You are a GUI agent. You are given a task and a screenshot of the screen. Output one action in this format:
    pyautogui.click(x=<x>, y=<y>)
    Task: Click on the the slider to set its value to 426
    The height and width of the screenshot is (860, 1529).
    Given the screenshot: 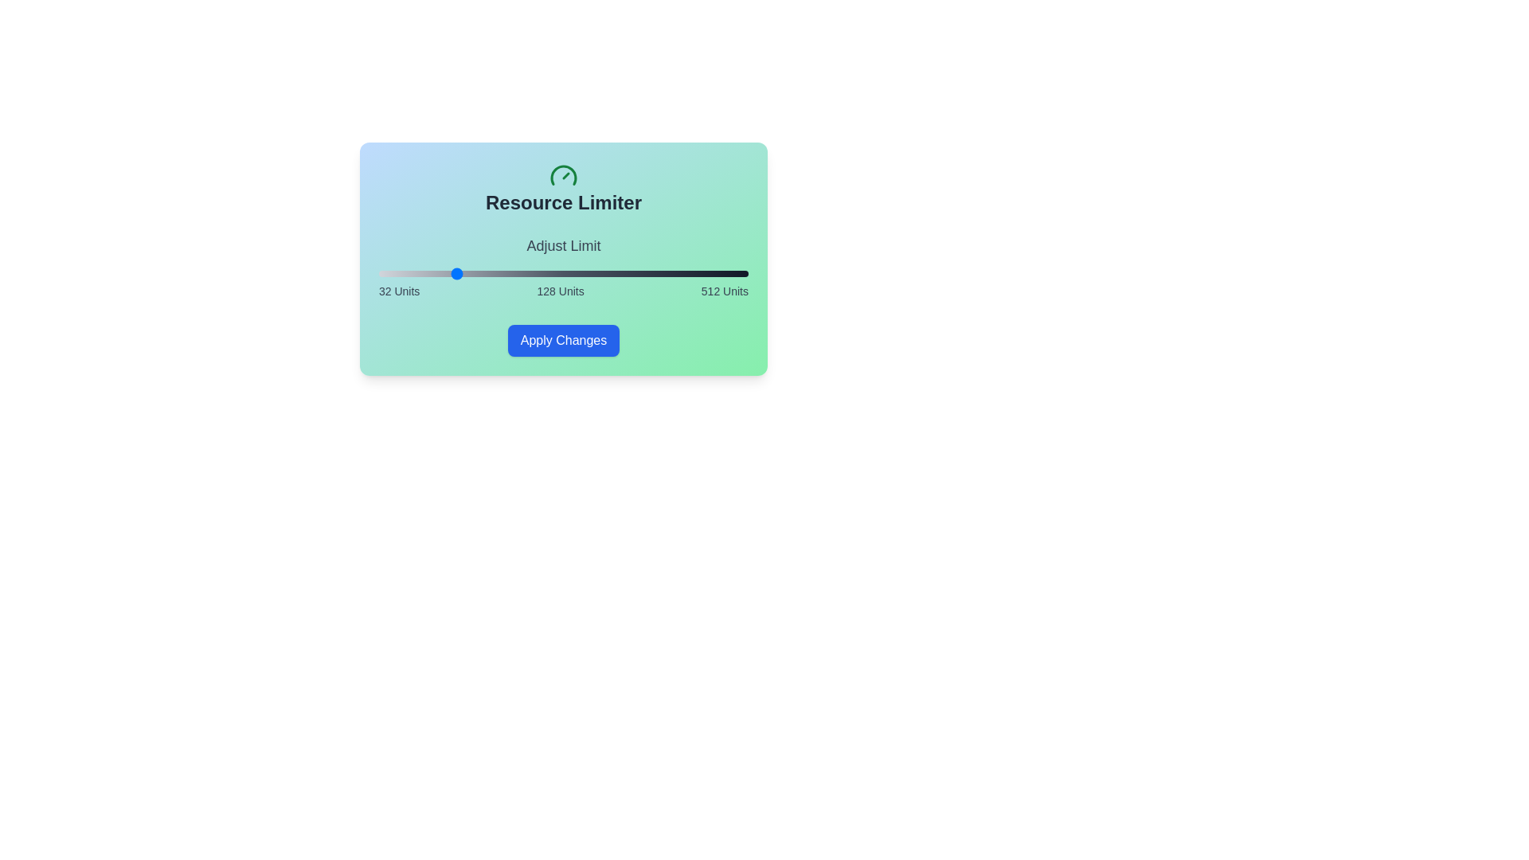 What is the action you would take?
    pyautogui.click(x=682, y=272)
    